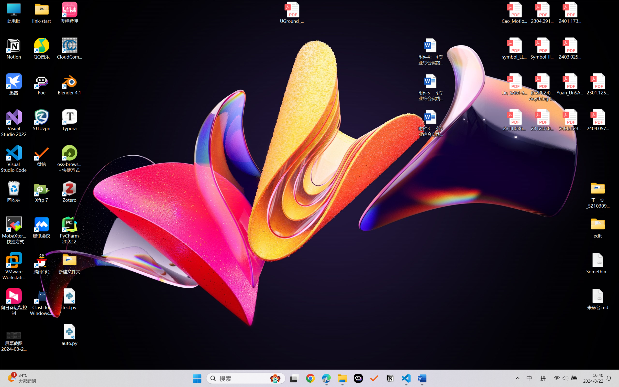  Describe the element at coordinates (69, 335) in the screenshot. I see `'auto.py'` at that location.